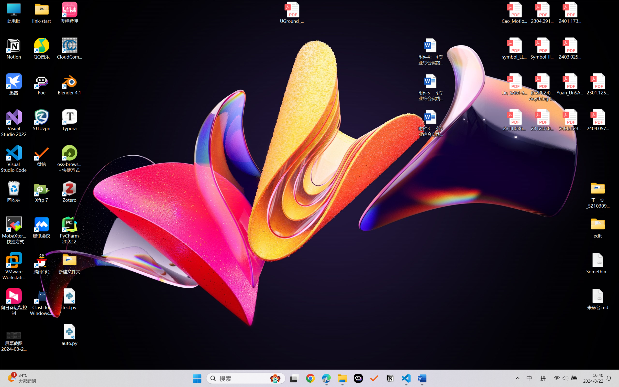  Describe the element at coordinates (69, 335) in the screenshot. I see `'auto.py'` at that location.